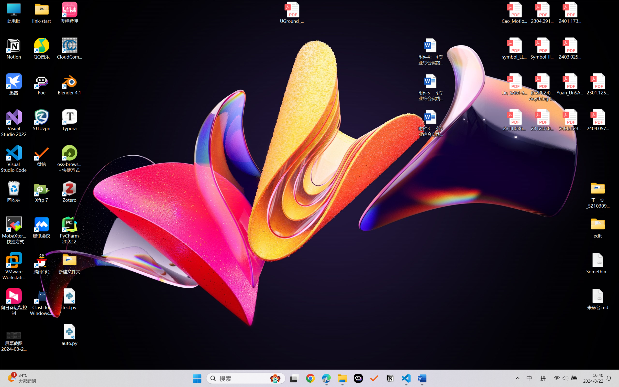  Describe the element at coordinates (69, 335) in the screenshot. I see `'auto.py'` at that location.